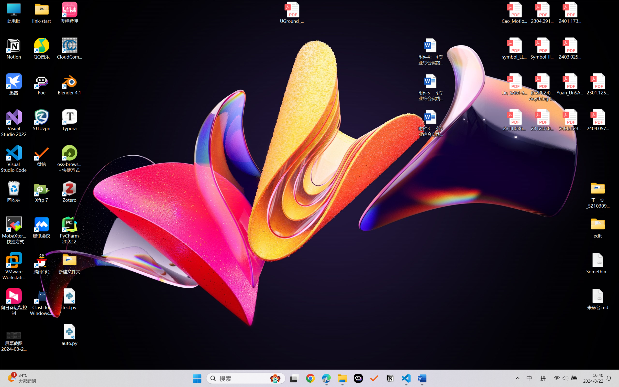  Describe the element at coordinates (69, 335) in the screenshot. I see `'auto.py'` at that location.